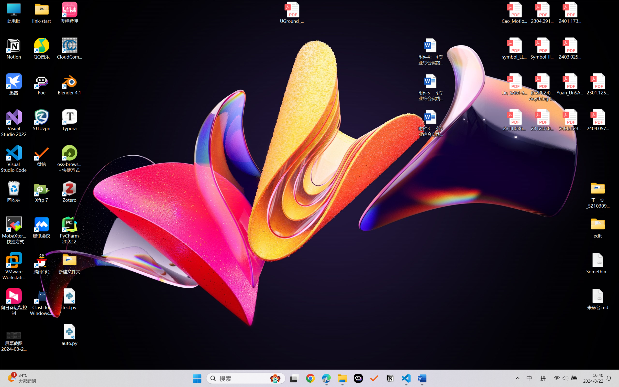  Describe the element at coordinates (69, 335) in the screenshot. I see `'auto.py'` at that location.